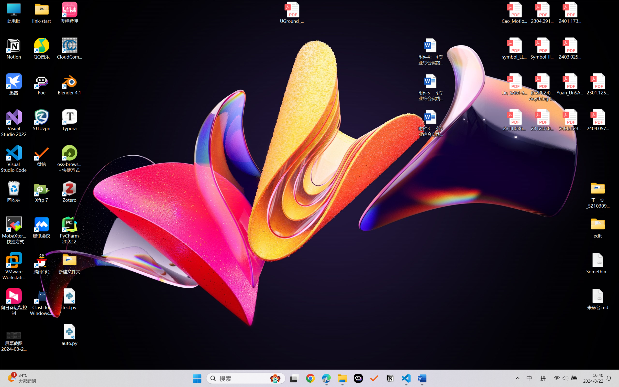  Describe the element at coordinates (69, 335) in the screenshot. I see `'auto.py'` at that location.